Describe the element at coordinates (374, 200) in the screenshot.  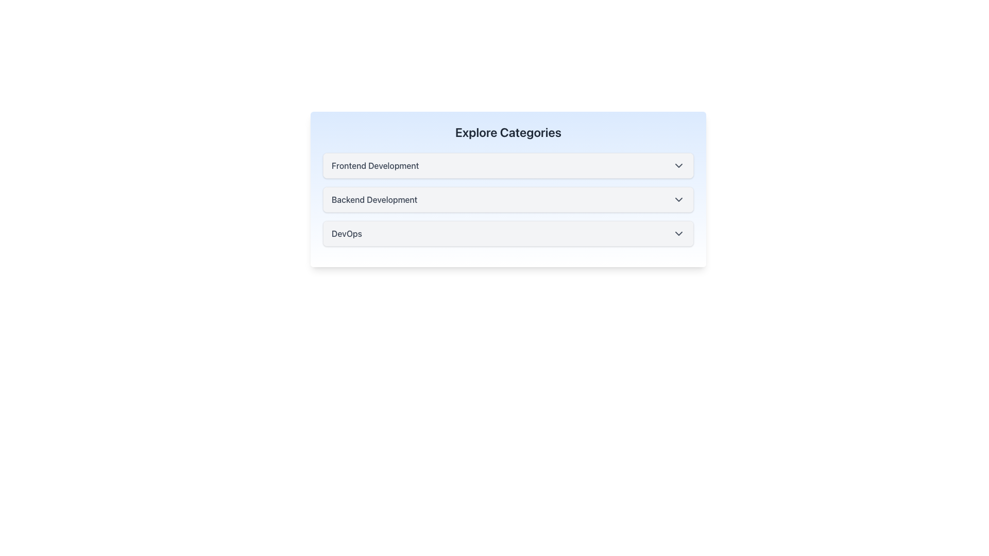
I see `the 'Backend Development' text label in the selectable list under 'Explore Categories'` at that location.